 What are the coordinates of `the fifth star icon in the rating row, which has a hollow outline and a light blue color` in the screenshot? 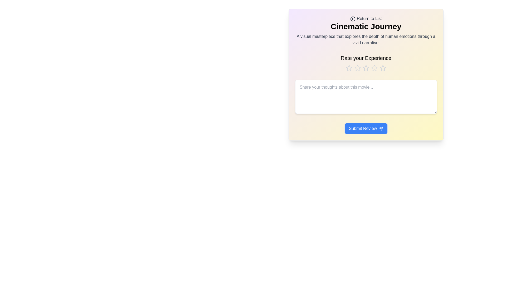 It's located at (382, 68).